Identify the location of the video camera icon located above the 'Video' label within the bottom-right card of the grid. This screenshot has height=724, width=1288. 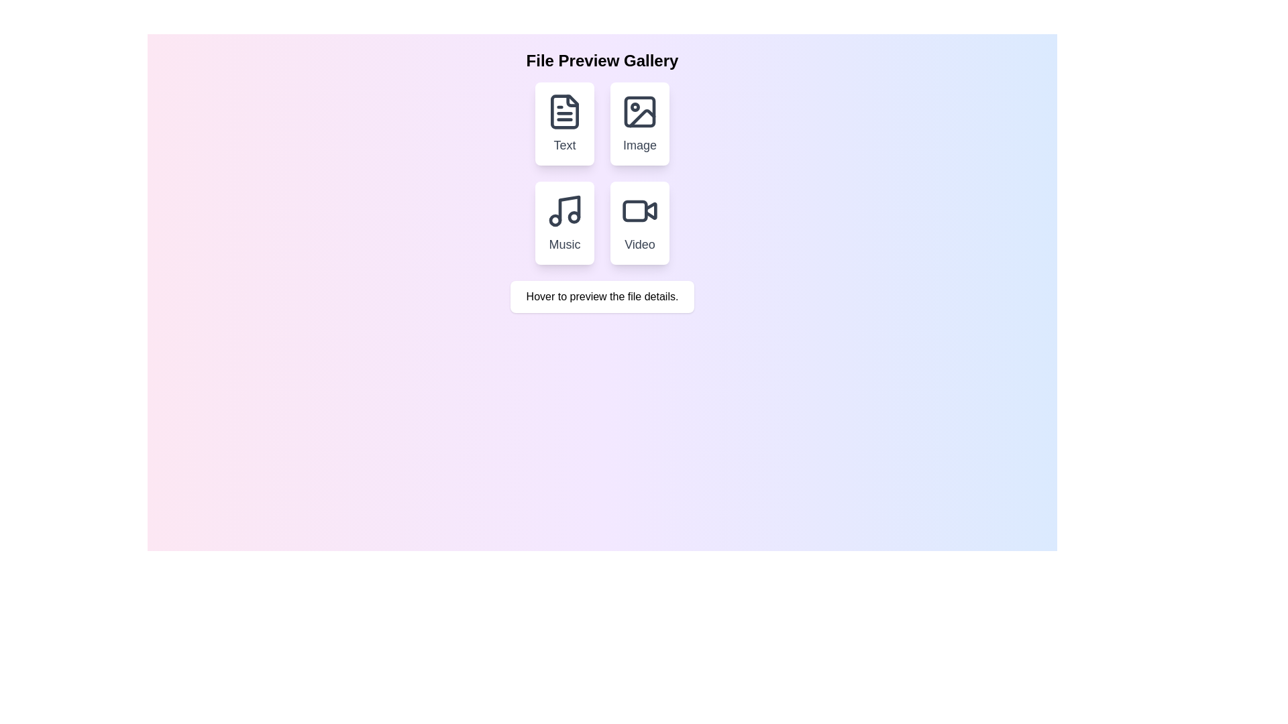
(639, 211).